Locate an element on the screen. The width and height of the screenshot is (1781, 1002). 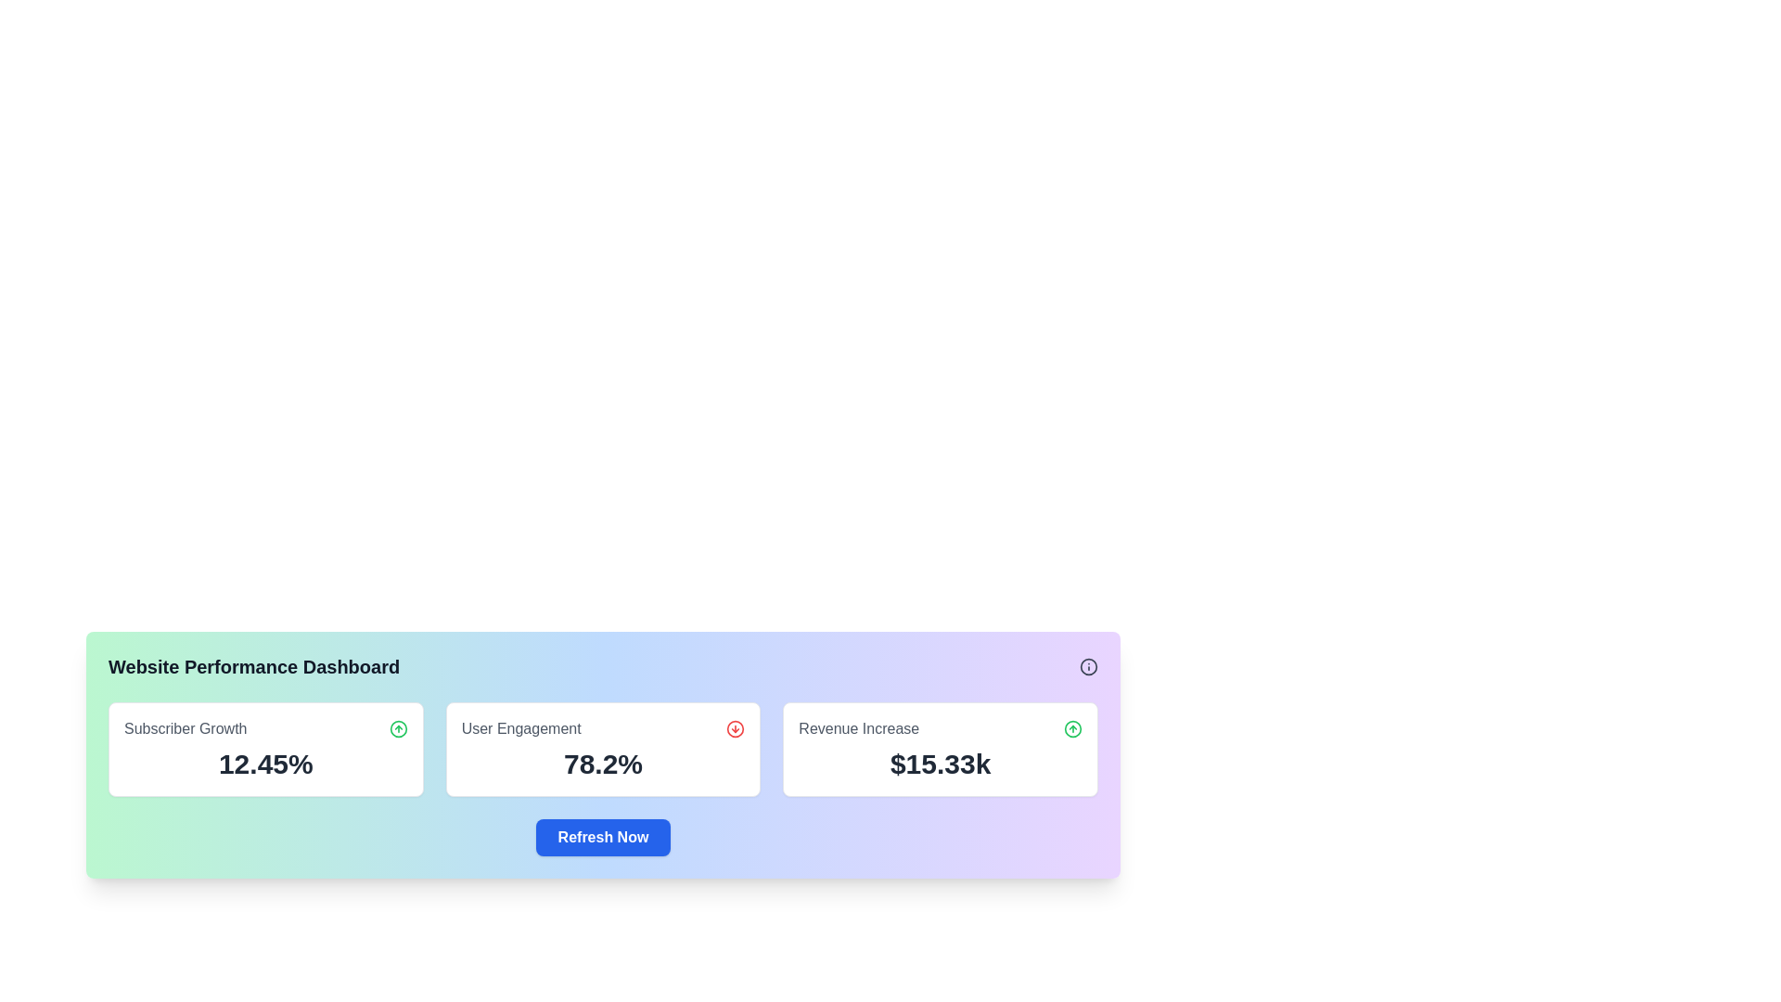
the refresh button located below the key performance indicators in the 'Website Performance Dashboard' card layout is located at coordinates (603, 837).